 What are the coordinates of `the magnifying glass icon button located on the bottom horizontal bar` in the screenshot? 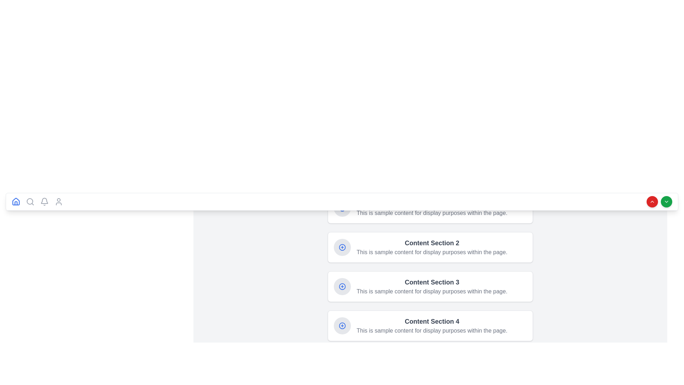 It's located at (30, 202).